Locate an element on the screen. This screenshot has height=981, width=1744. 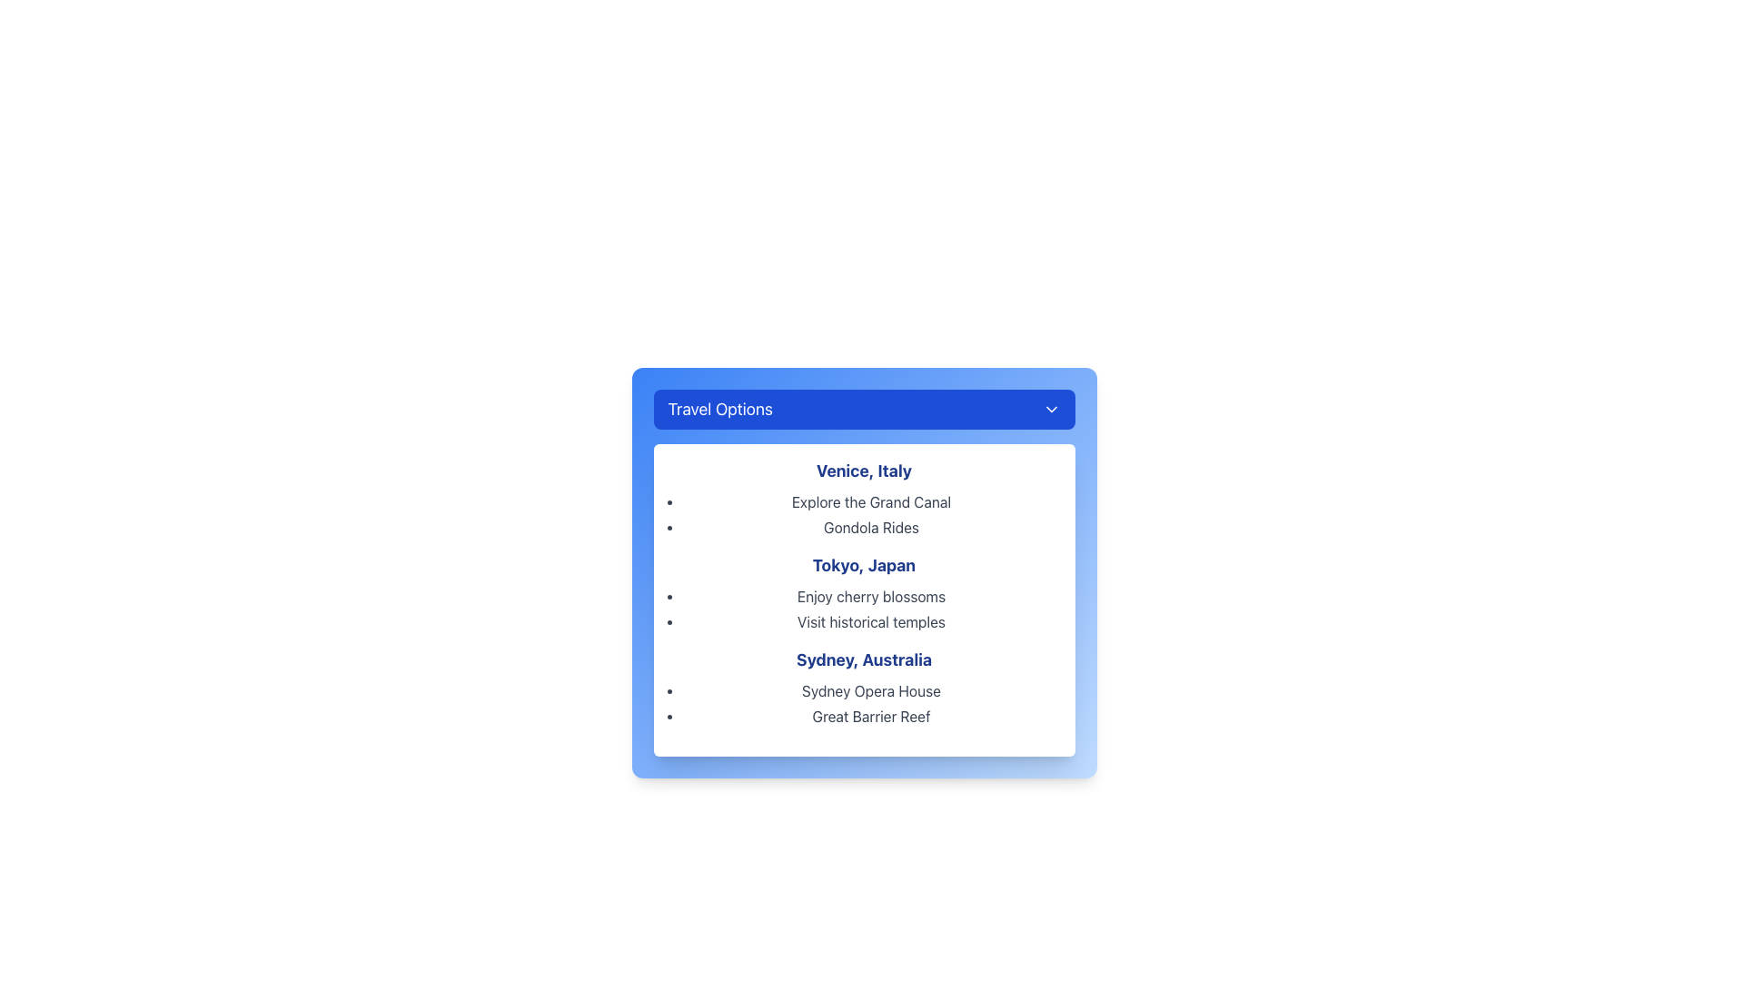
the informational text item representing an activity or attraction related to Venice, Italy, which is the first bullet point under the subheading 'Venice, Italy' in the 'Travel Options' panel is located at coordinates (870, 501).